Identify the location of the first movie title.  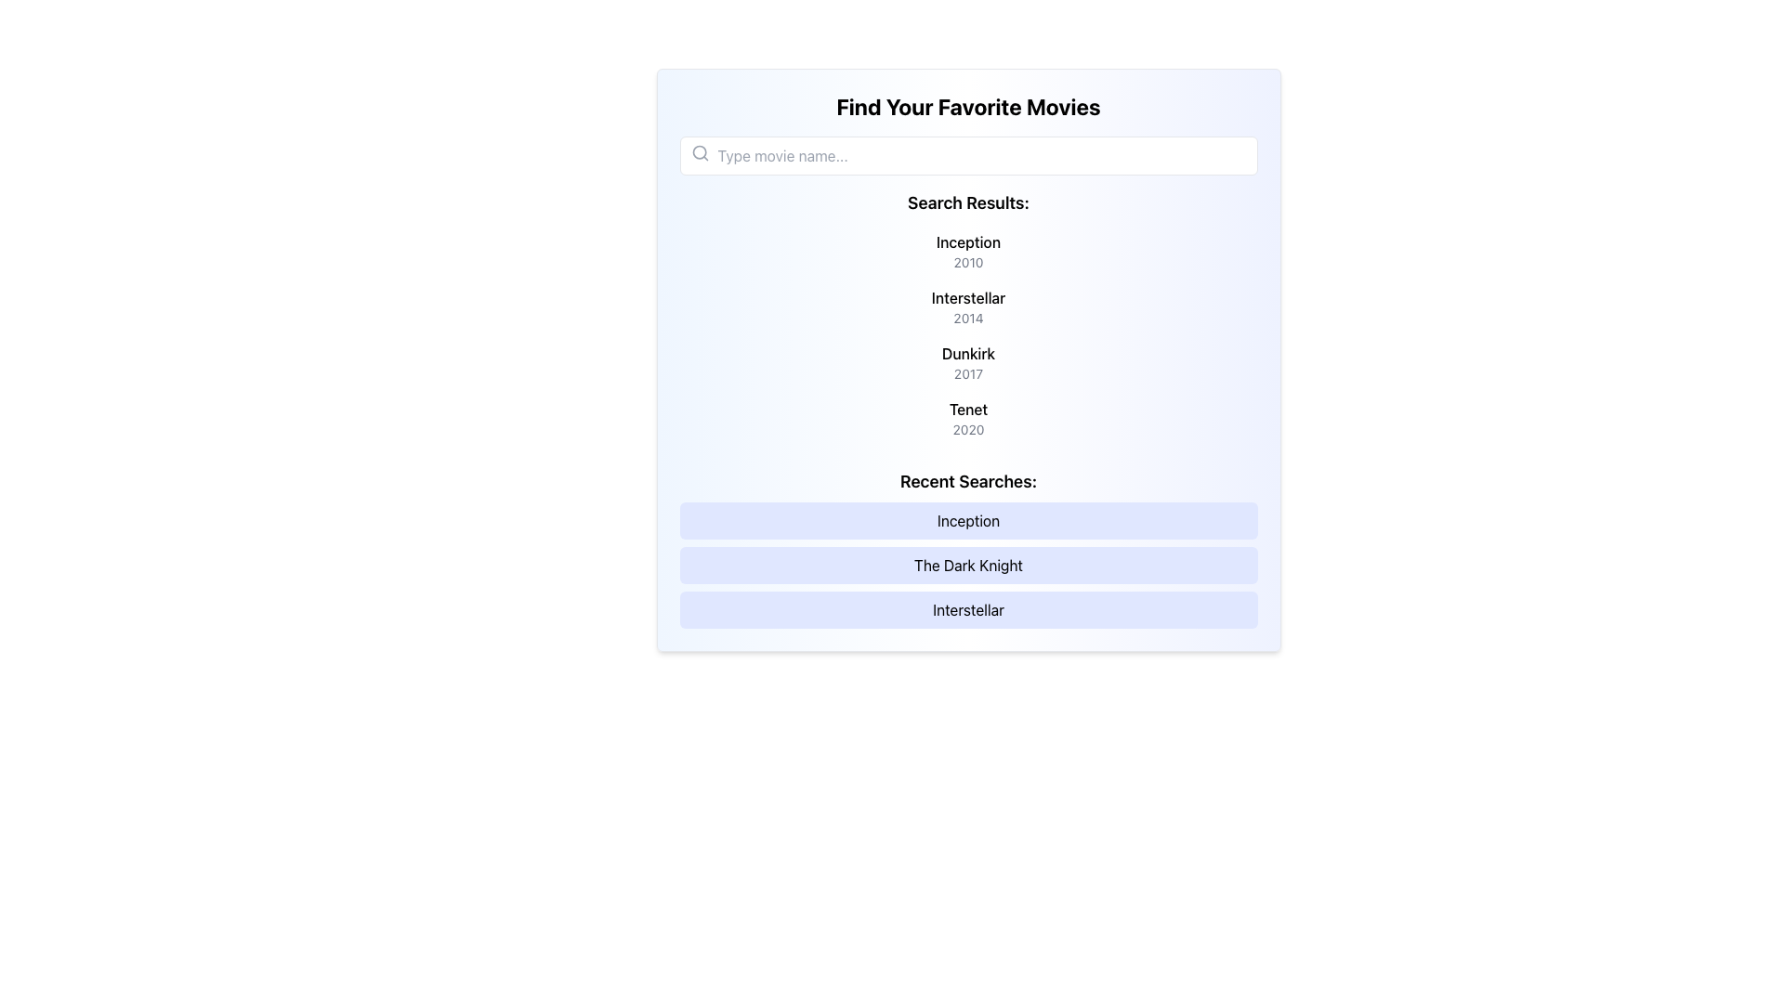
(967, 251).